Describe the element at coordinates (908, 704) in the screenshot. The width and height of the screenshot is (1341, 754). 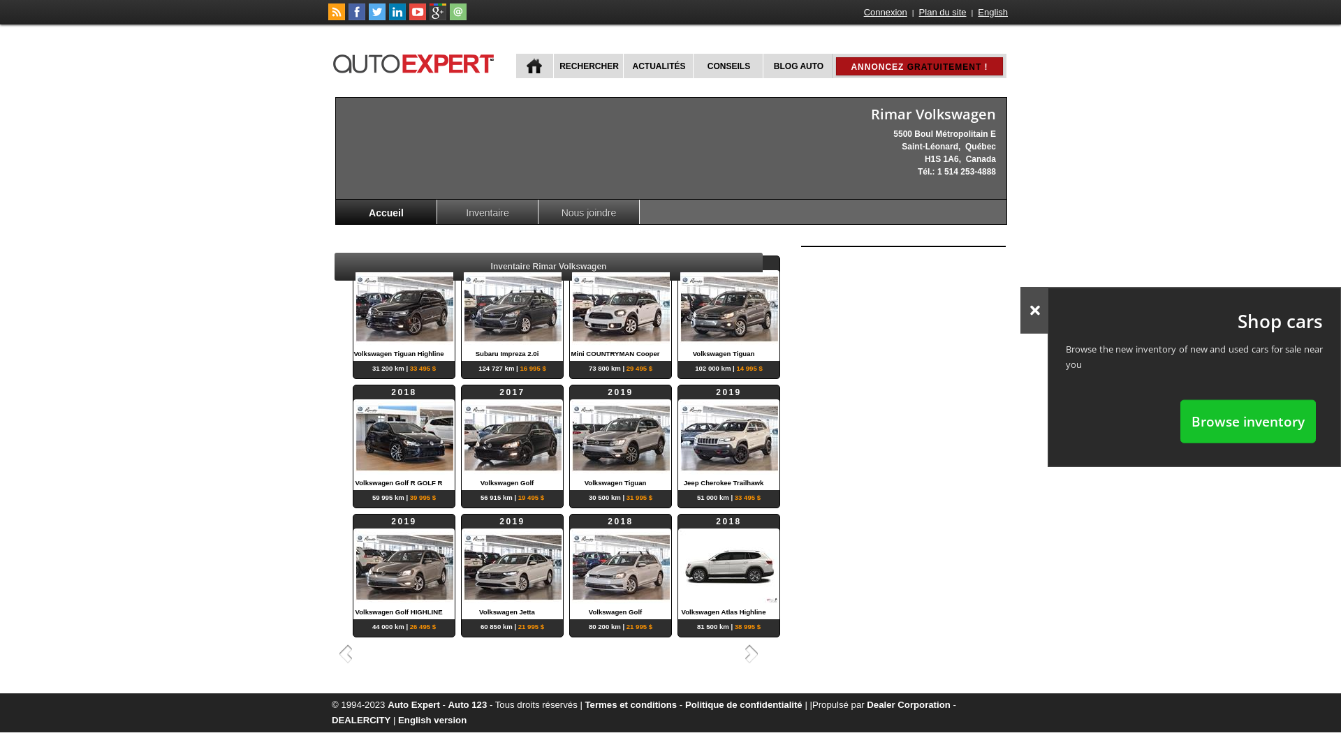
I see `'Dealer Corporation'` at that location.